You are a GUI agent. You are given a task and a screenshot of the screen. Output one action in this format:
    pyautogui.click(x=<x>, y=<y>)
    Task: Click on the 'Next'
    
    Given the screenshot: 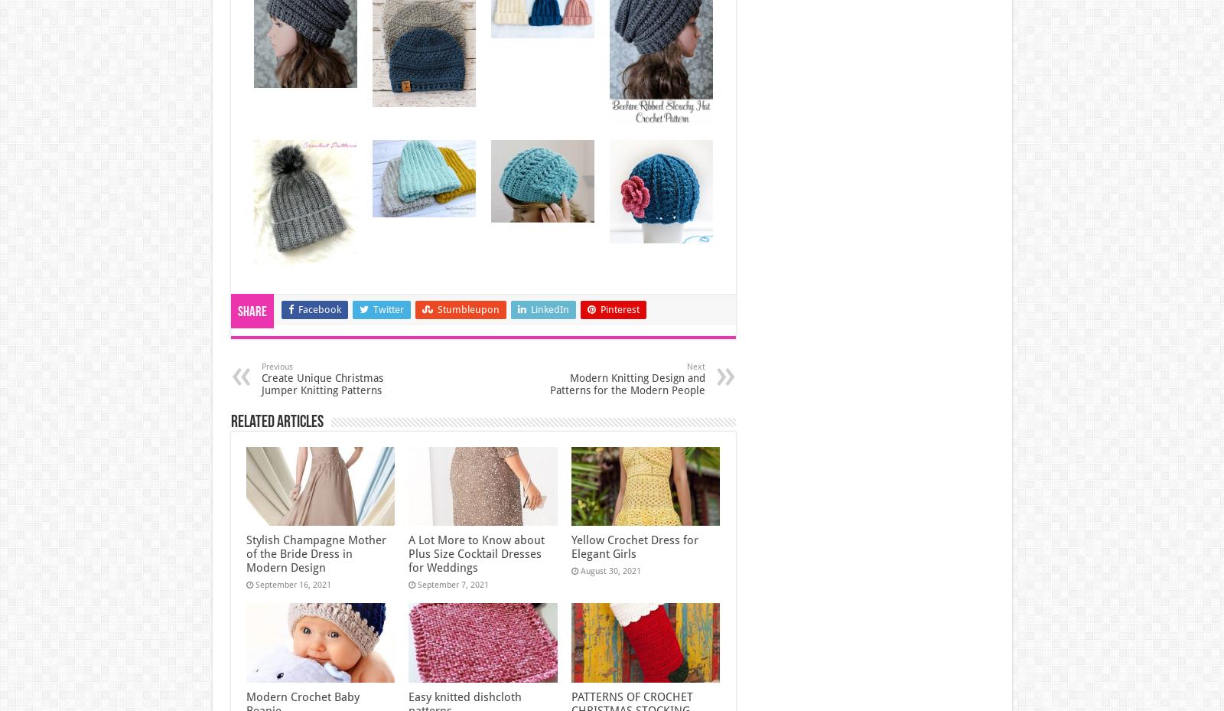 What is the action you would take?
    pyautogui.click(x=694, y=366)
    